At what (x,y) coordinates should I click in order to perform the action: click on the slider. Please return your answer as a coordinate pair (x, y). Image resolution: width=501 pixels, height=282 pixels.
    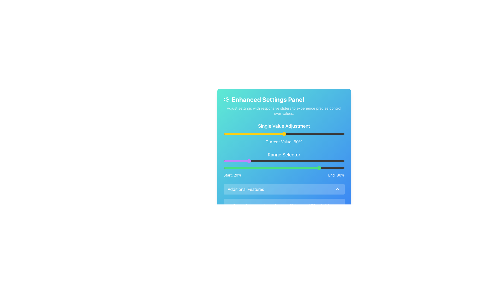
    Looking at the image, I should click on (303, 168).